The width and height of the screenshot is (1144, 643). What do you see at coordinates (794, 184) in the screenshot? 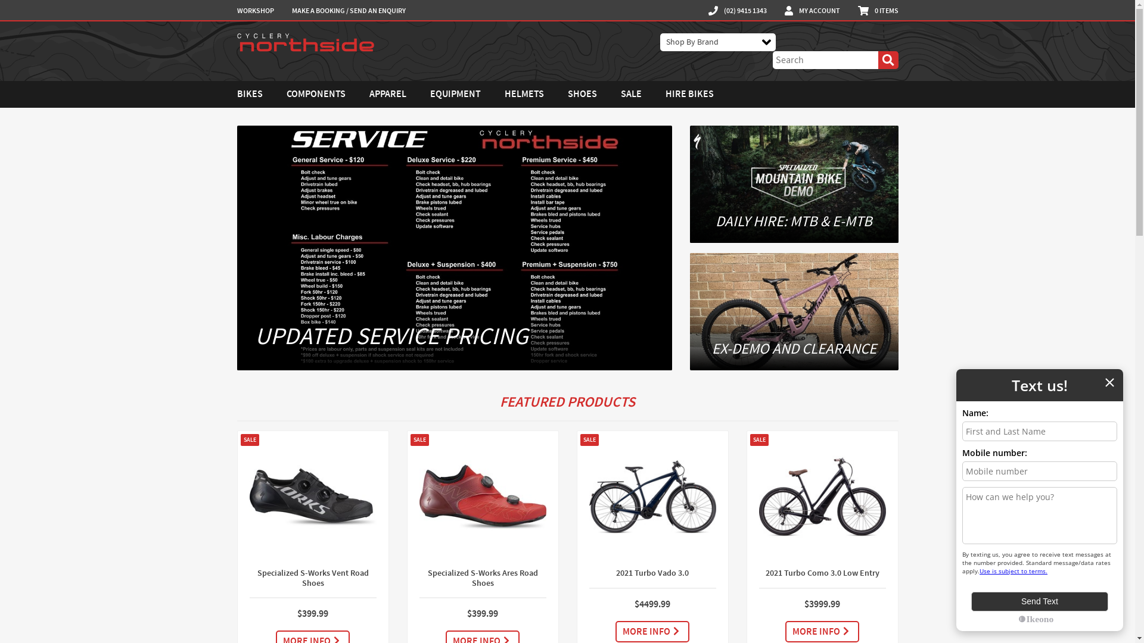
I see `'DAILY HIRE:  MTB  &  E-MTB'` at bounding box center [794, 184].